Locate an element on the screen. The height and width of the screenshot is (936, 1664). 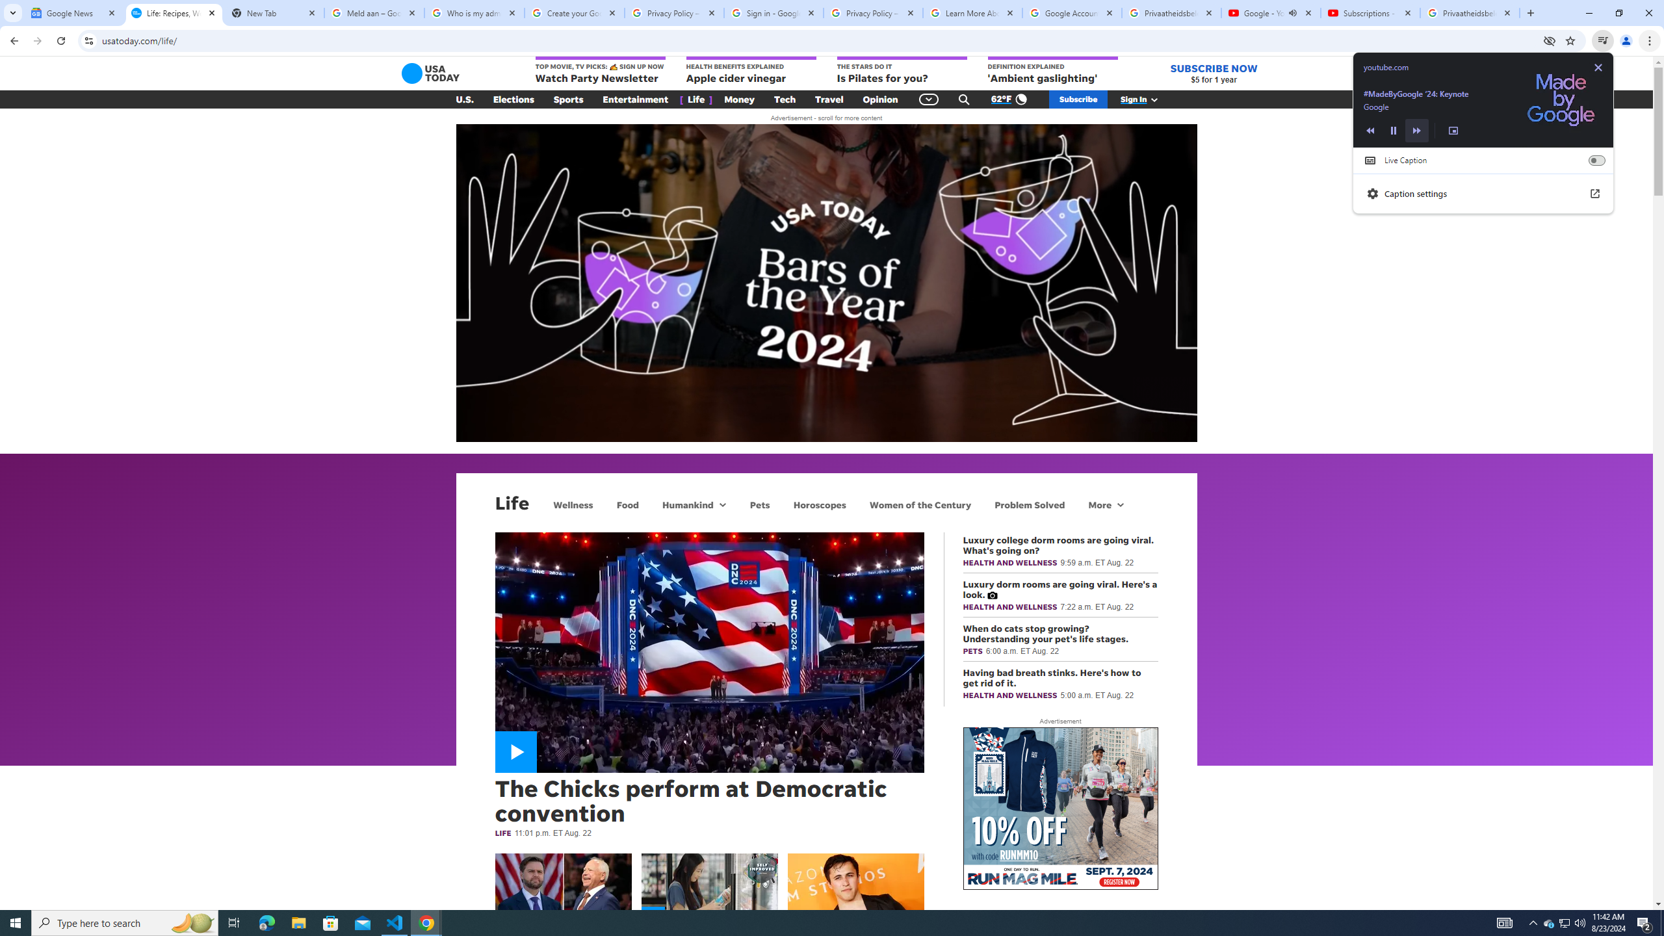
'Visual Studio Code - 1 running window' is located at coordinates (395, 922).